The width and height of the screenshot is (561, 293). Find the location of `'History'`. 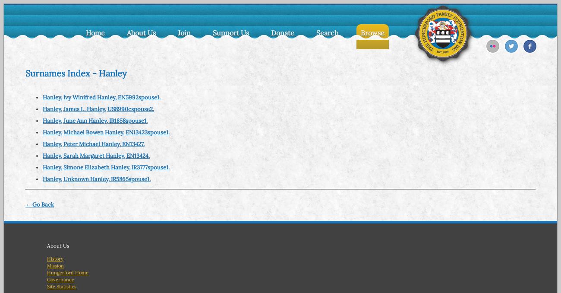

'History' is located at coordinates (55, 258).